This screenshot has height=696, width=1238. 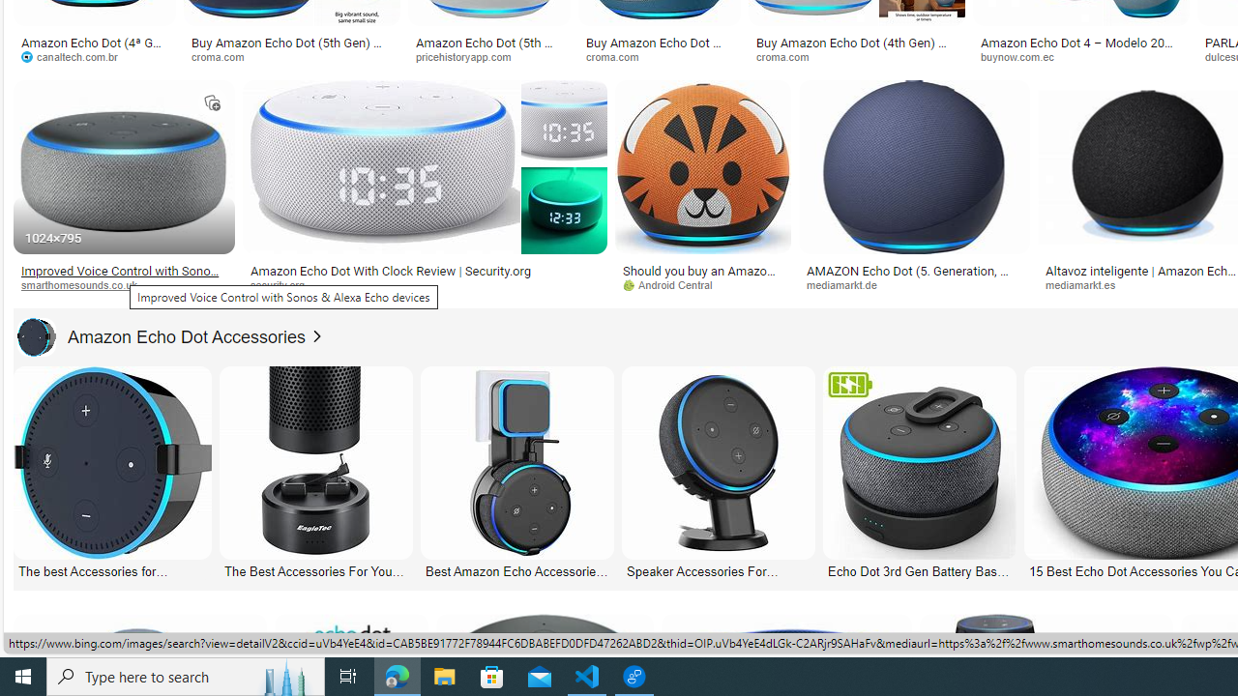 I want to click on 'smarthomesounds.co.uk', so click(x=84, y=284).